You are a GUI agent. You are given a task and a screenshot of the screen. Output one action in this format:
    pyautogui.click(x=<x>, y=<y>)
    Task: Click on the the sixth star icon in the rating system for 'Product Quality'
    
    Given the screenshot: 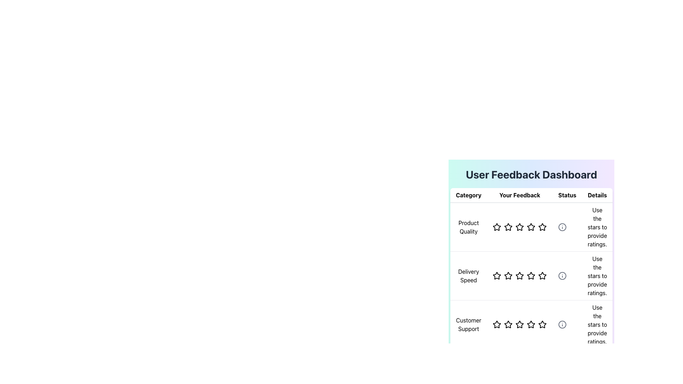 What is the action you would take?
    pyautogui.click(x=542, y=227)
    